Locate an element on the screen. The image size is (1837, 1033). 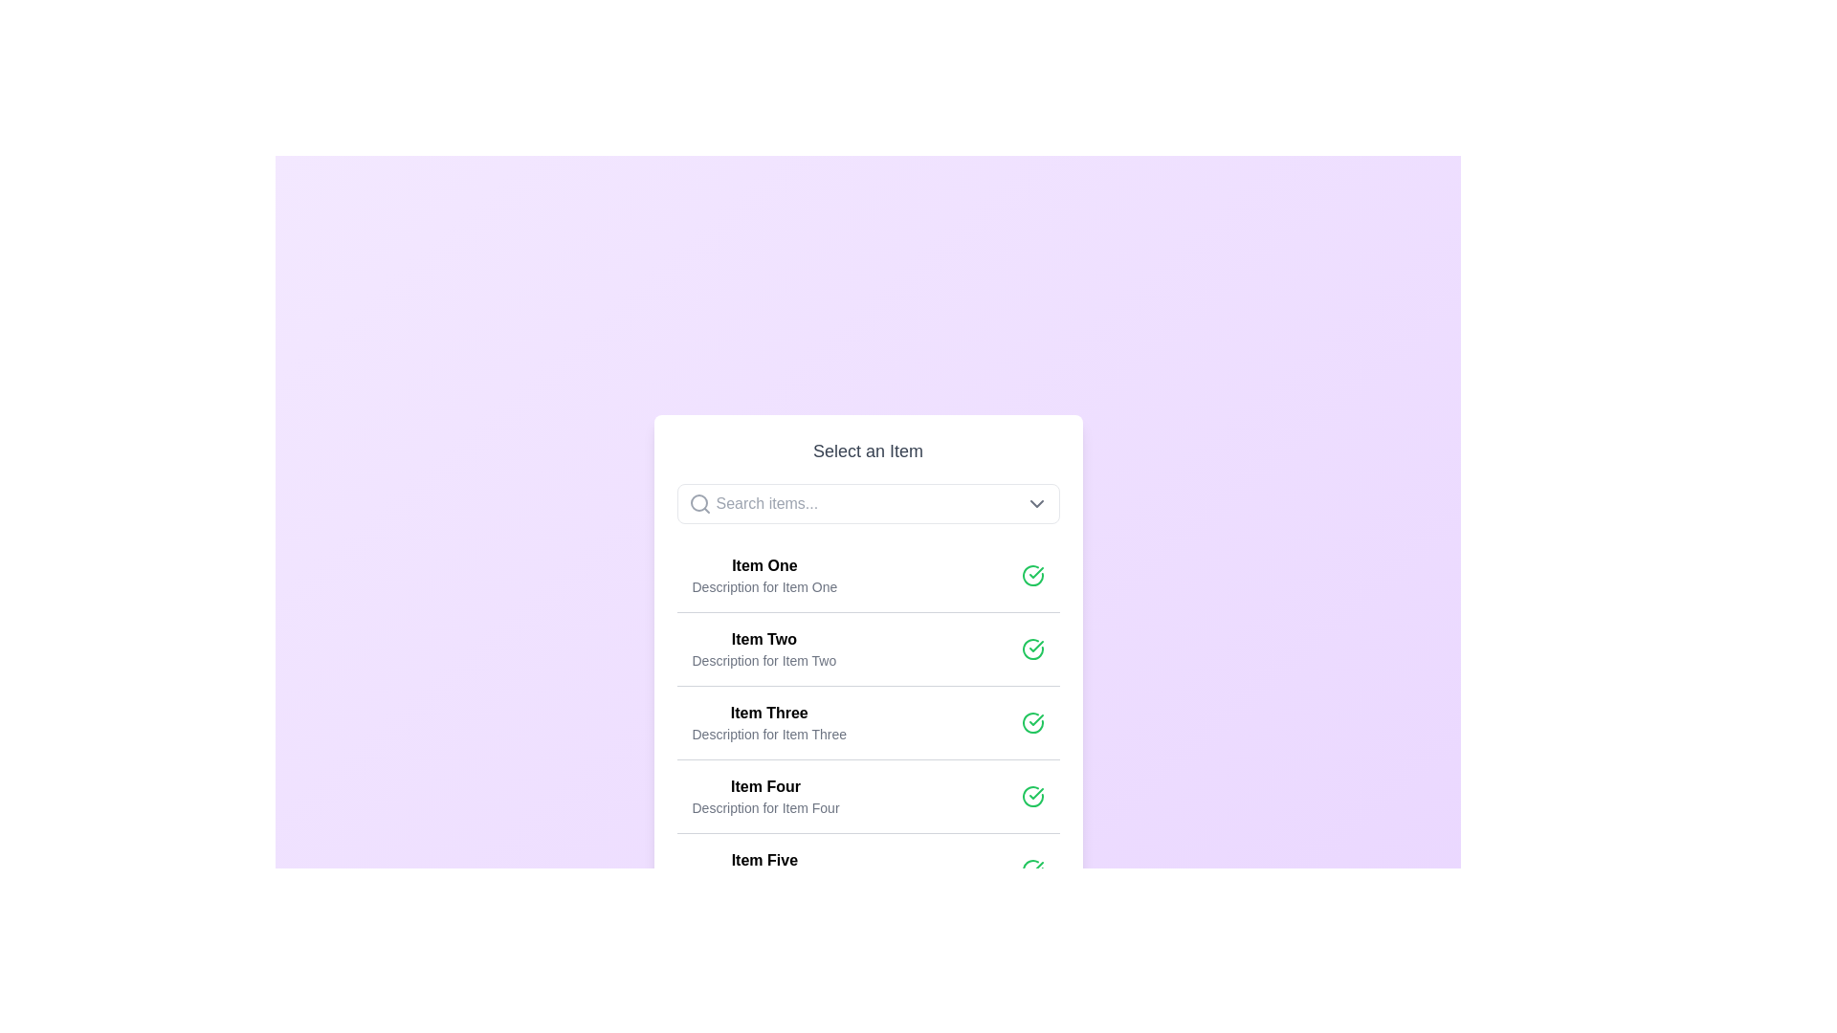
the title label for 'Item Four', which identifies it as the fourth item in the list within the modal interface is located at coordinates (765, 786).